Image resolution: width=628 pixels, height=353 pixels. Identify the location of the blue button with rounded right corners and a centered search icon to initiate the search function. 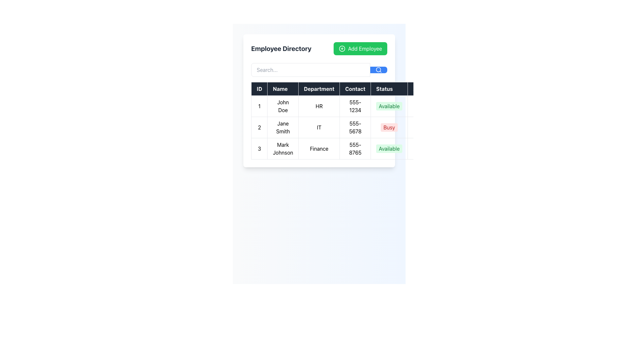
(378, 70).